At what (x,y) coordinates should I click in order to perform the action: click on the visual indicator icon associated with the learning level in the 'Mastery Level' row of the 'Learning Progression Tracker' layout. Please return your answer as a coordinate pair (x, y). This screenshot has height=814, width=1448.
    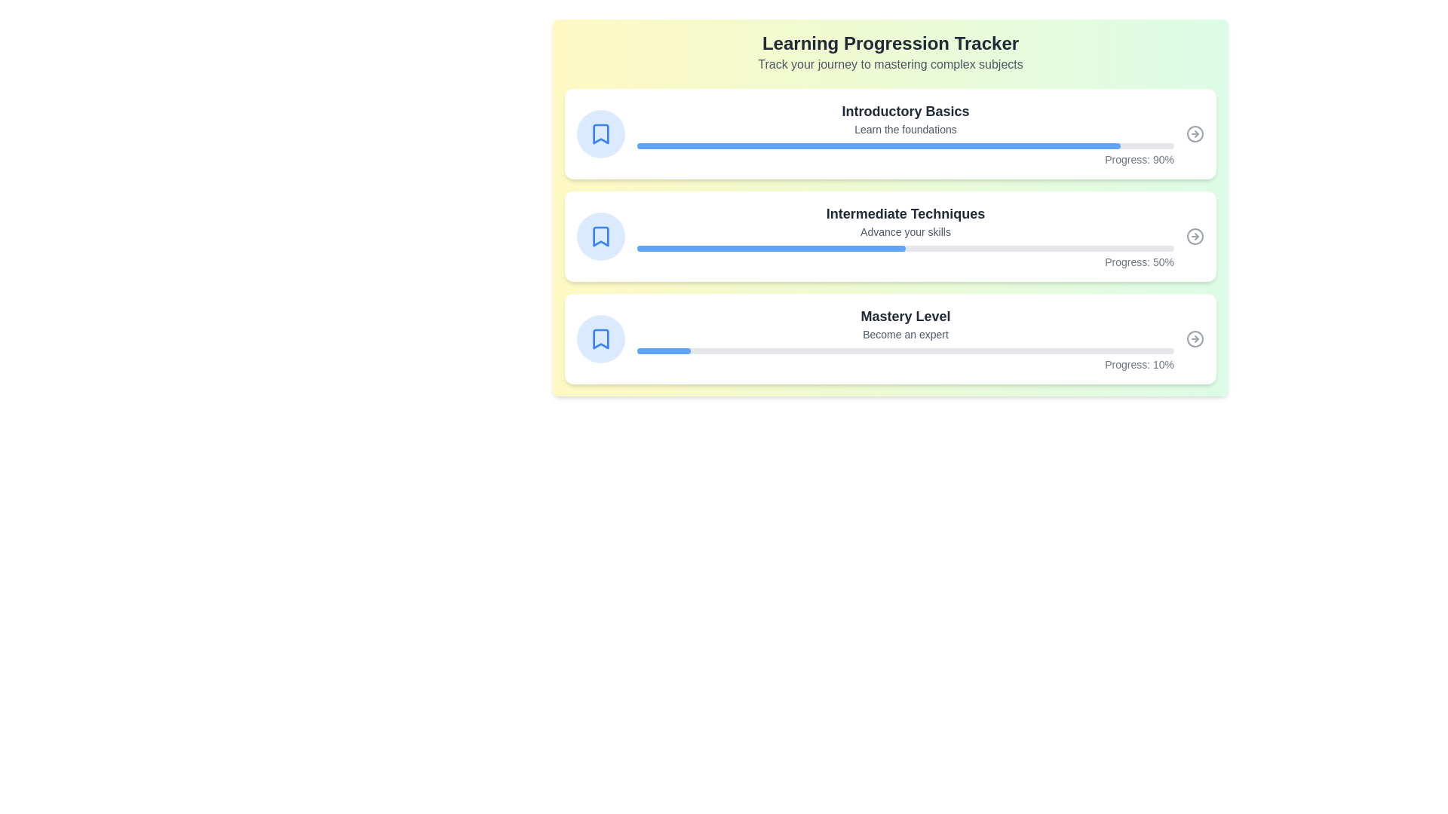
    Looking at the image, I should click on (600, 339).